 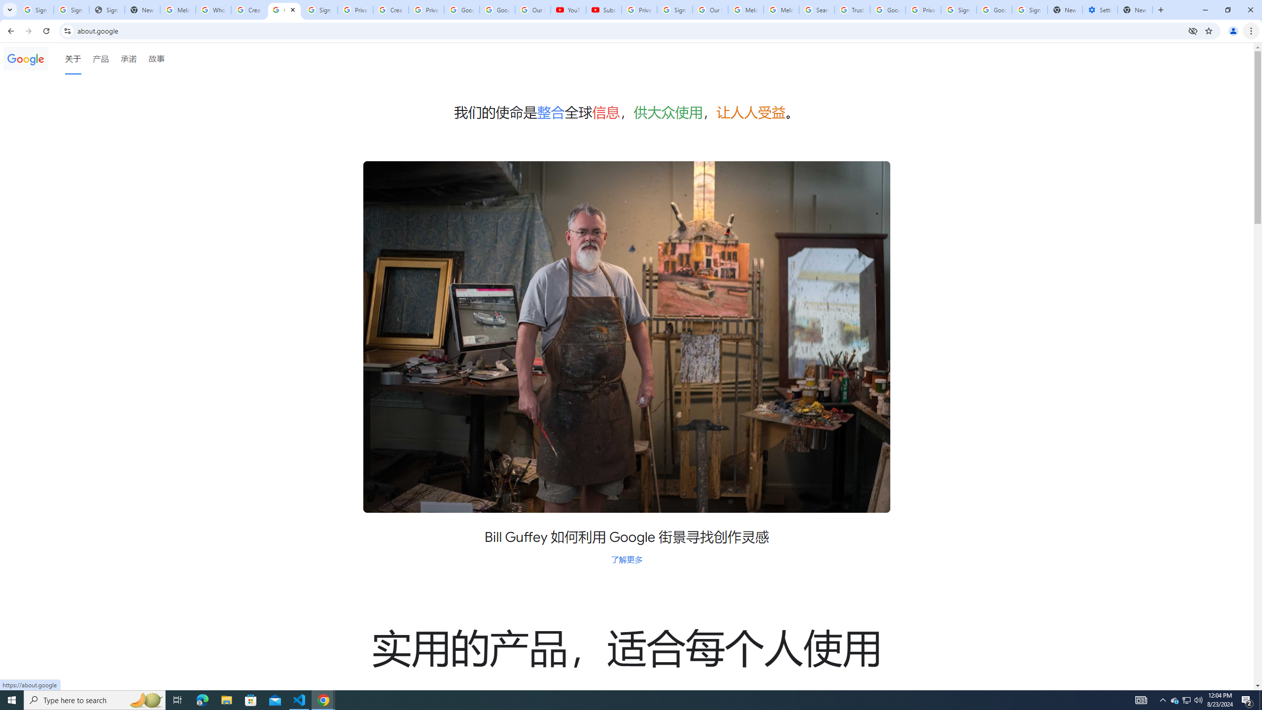 What do you see at coordinates (603, 9) in the screenshot?
I see `'Subscriptions - YouTube'` at bounding box center [603, 9].